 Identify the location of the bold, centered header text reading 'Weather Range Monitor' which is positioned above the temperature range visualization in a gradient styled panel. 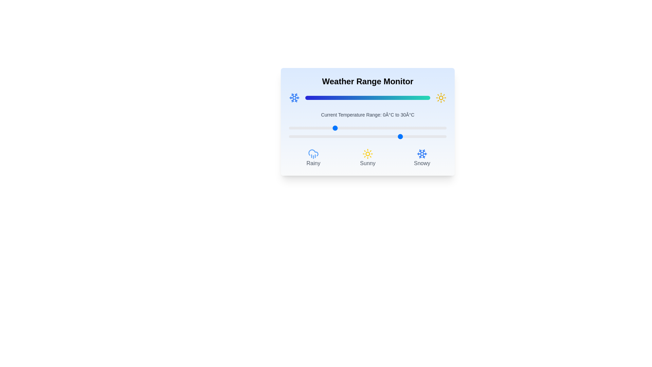
(367, 81).